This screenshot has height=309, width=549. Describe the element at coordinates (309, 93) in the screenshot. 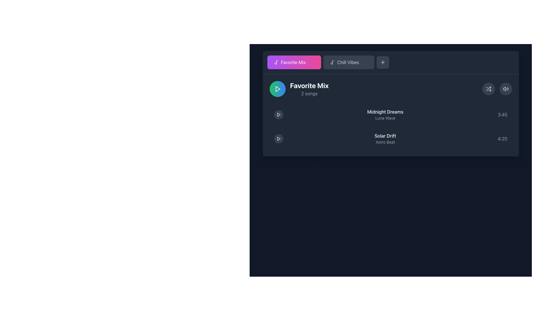

I see `the text label indicating the total number of songs in the 'Favorite Mix' playlist, which displays '2 songs'` at that location.